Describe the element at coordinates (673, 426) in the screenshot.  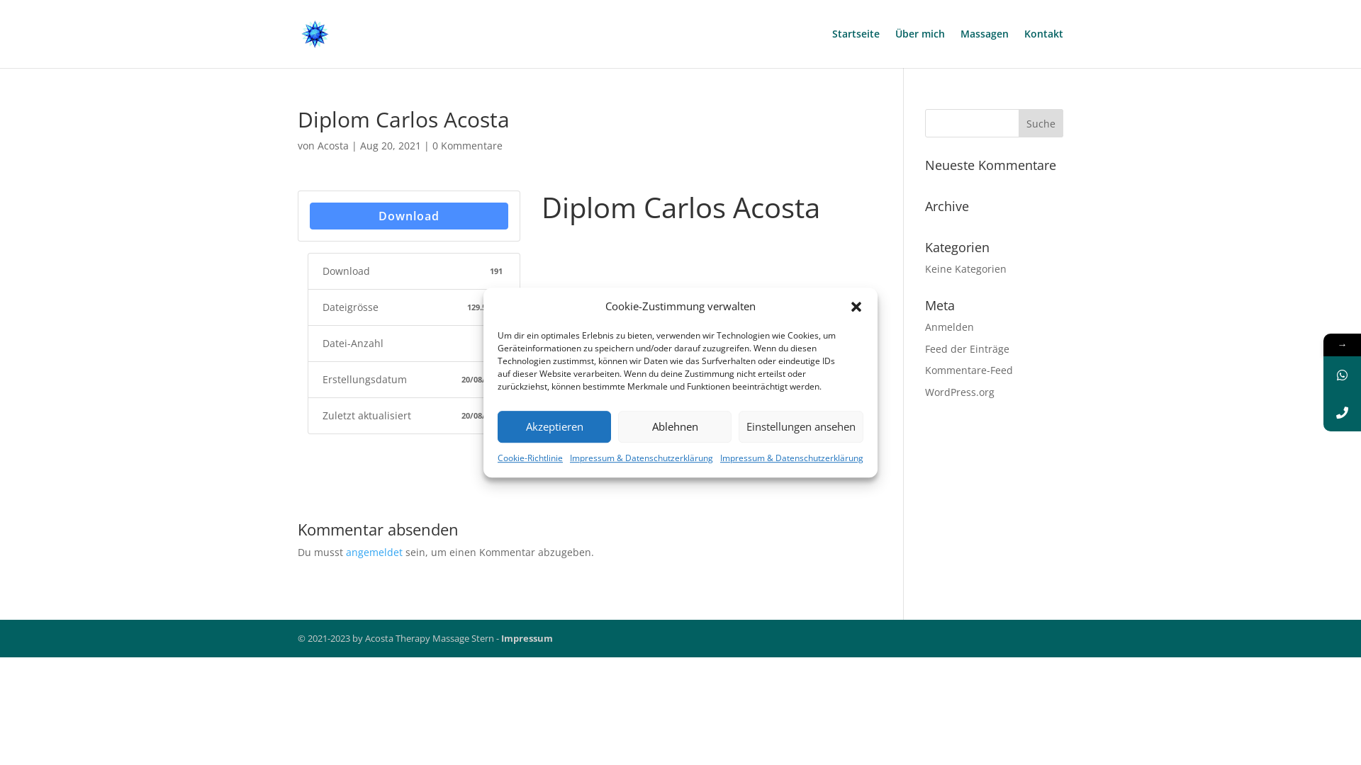
I see `'Ablehnen'` at that location.